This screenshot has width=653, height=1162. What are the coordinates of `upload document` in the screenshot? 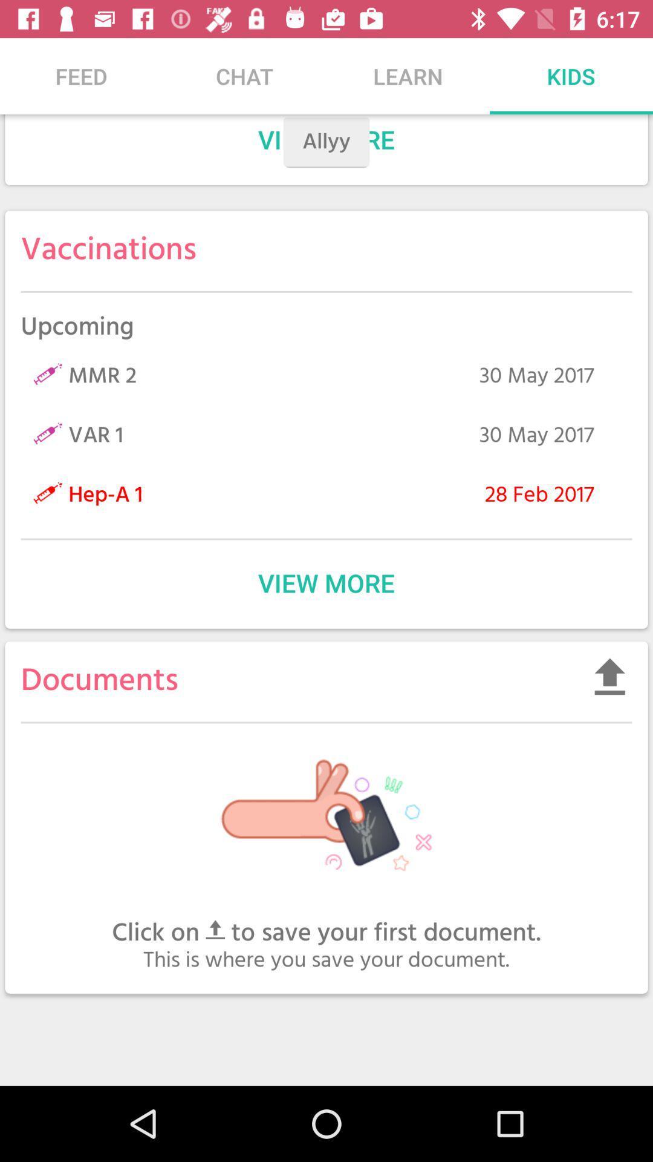 It's located at (609, 675).